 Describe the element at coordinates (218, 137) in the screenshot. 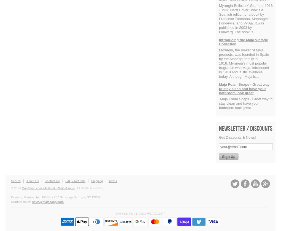

I see `'Get Discounts & News!'` at that location.